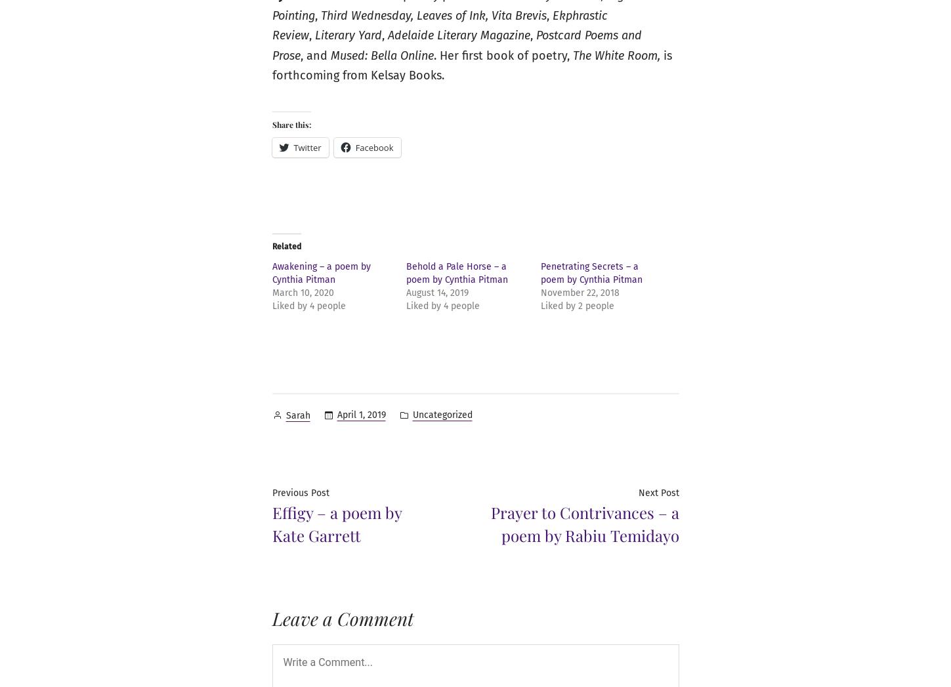 The height and width of the screenshot is (687, 951). I want to click on 'The White Room,', so click(572, 54).